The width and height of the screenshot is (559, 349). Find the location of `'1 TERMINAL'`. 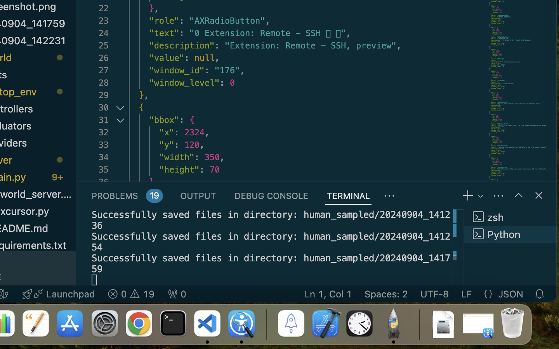

'1 TERMINAL' is located at coordinates (348, 195).